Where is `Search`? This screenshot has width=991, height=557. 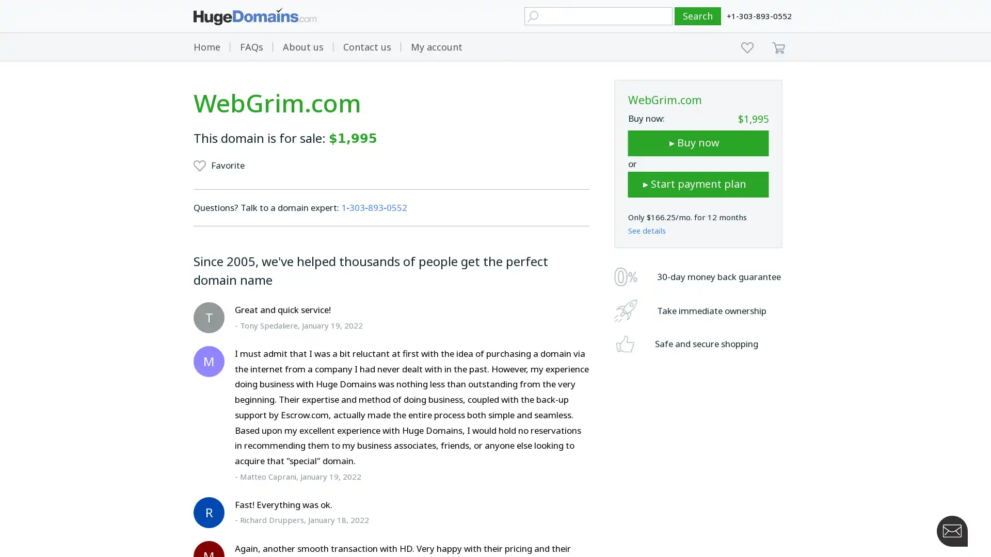 Search is located at coordinates (698, 16).